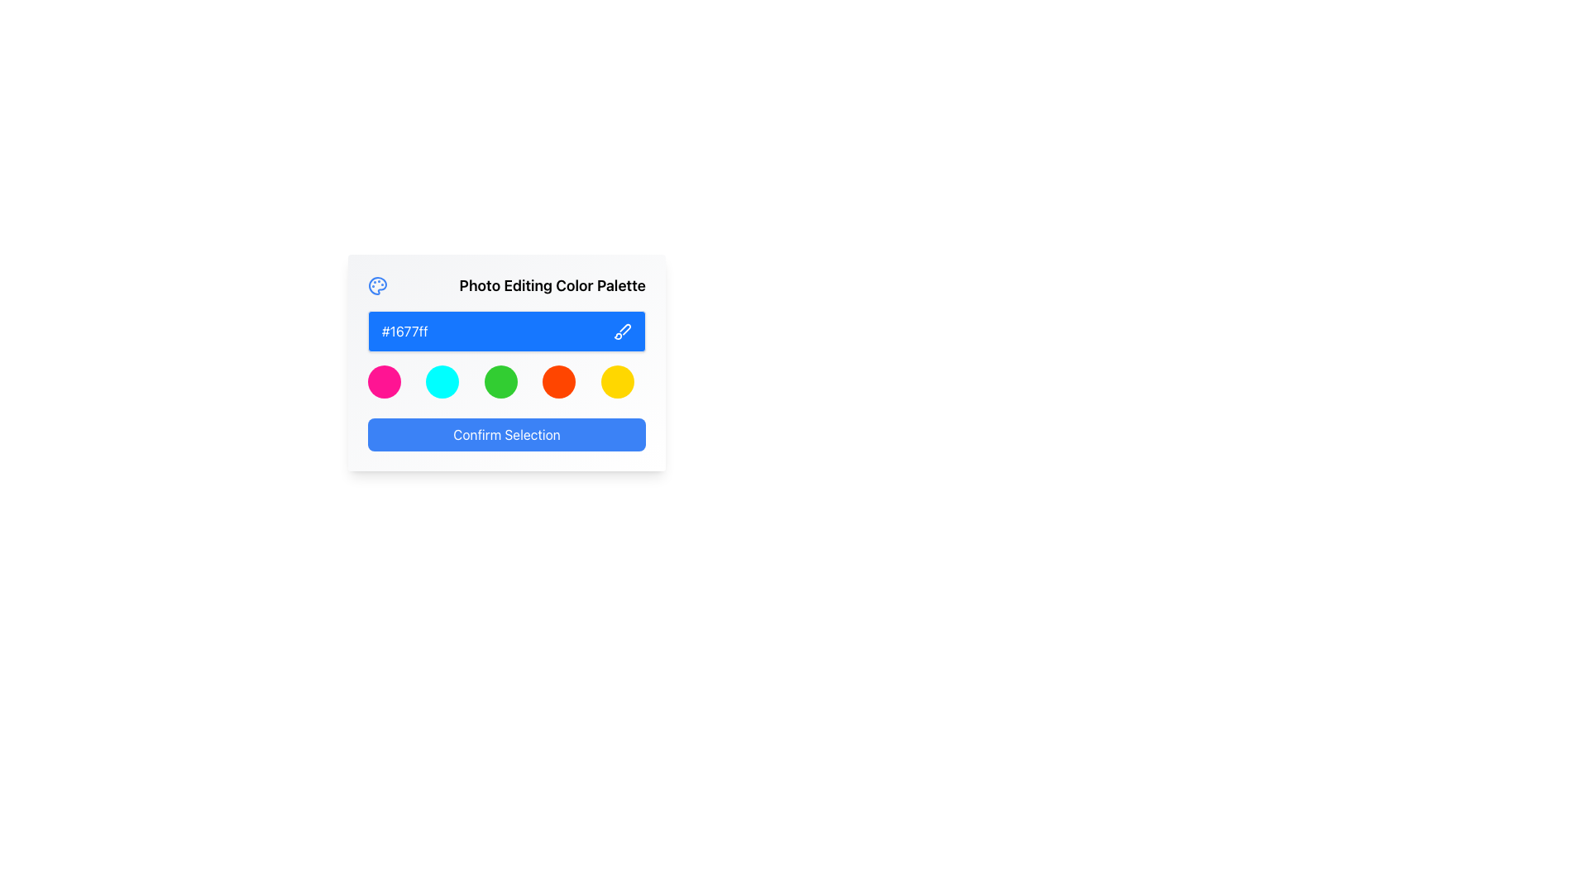  Describe the element at coordinates (506, 362) in the screenshot. I see `the third circular element with a green color fill in the row of color selection options` at that location.